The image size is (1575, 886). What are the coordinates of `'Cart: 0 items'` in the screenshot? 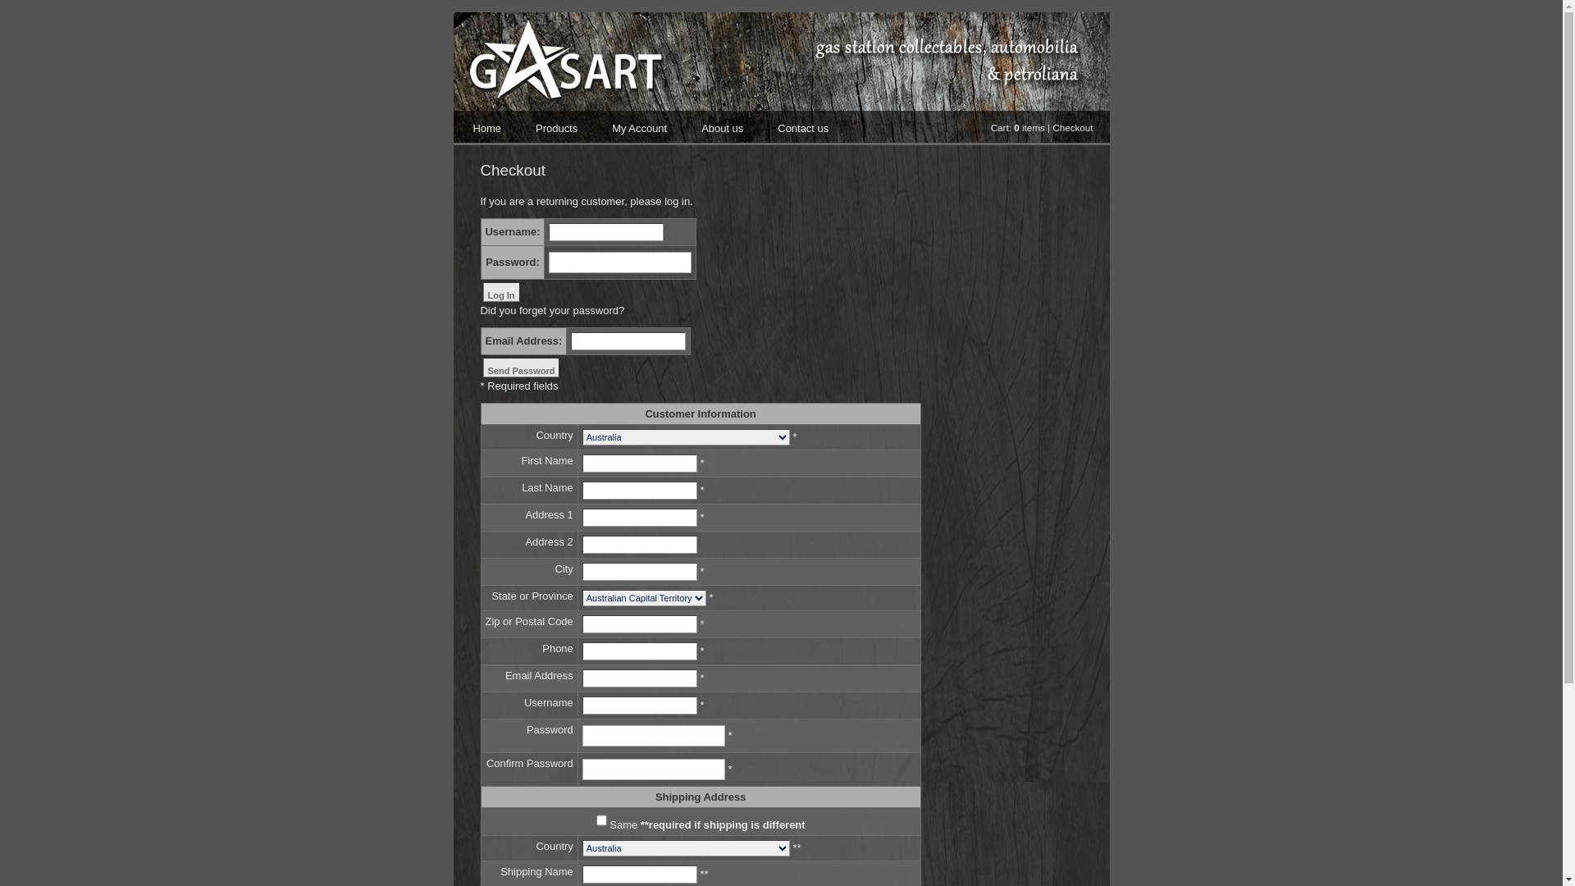 It's located at (1017, 126).